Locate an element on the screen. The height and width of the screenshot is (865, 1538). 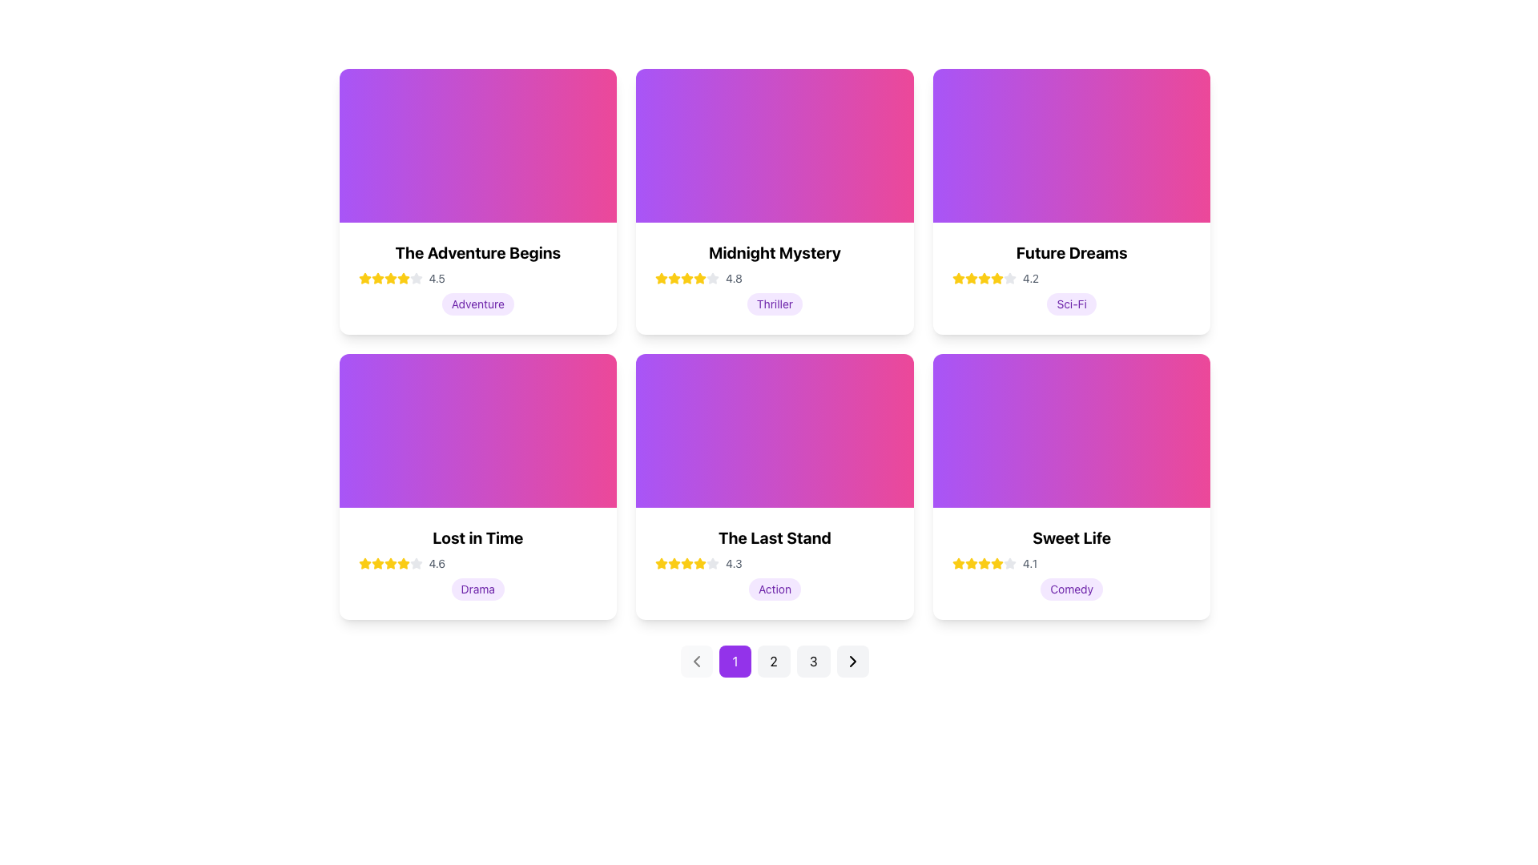
text content of the main title label located at the top of the middle card in the top row of the grid layout, which is situated above the rating and category tag 'Sci-Fi' is located at coordinates (1072, 252).